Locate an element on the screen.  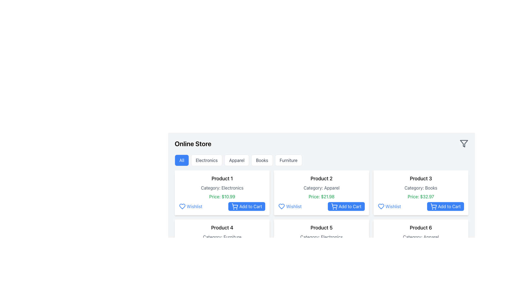
the text label categorizing the product as 'Electronics', which is located below 'Product 1' and above 'Price: $10.99' is located at coordinates (222, 187).